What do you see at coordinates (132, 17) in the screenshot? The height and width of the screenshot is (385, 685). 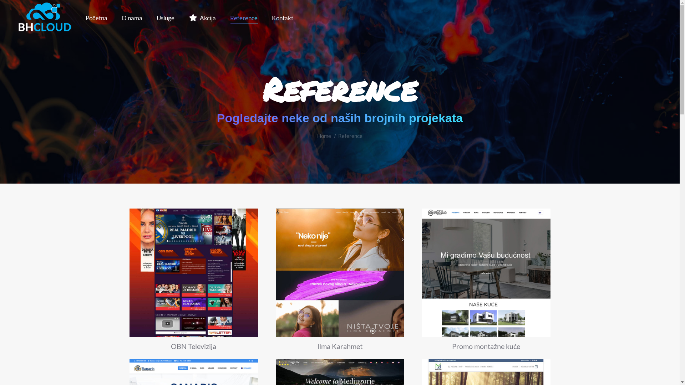 I see `'O nama'` at bounding box center [132, 17].